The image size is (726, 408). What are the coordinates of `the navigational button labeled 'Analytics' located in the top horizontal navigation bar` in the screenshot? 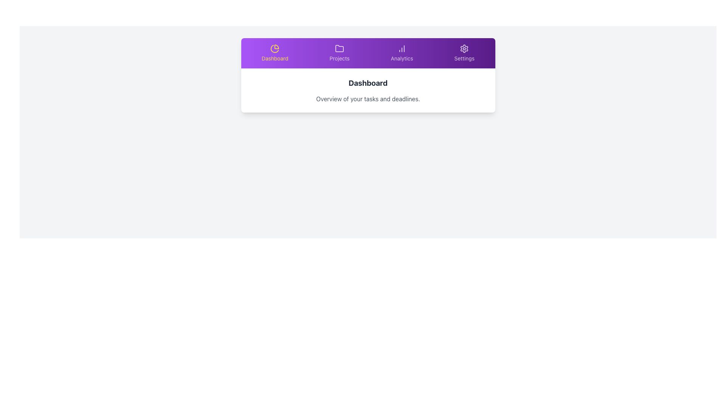 It's located at (401, 53).